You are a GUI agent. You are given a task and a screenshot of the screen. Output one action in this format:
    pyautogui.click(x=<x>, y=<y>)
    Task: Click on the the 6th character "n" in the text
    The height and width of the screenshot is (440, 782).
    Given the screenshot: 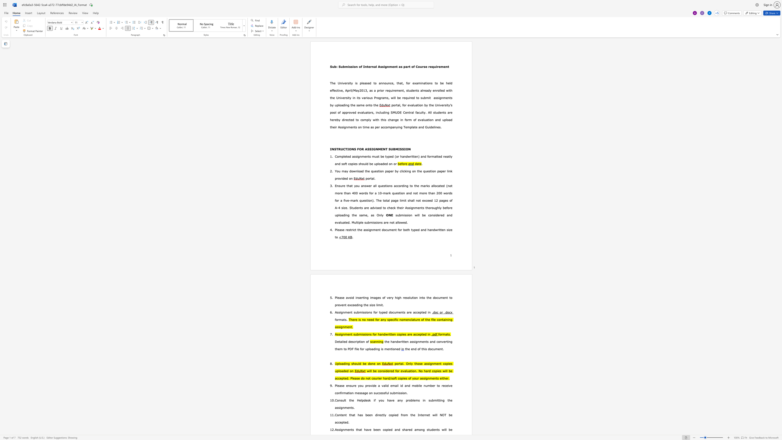 What is the action you would take?
    pyautogui.click(x=446, y=67)
    